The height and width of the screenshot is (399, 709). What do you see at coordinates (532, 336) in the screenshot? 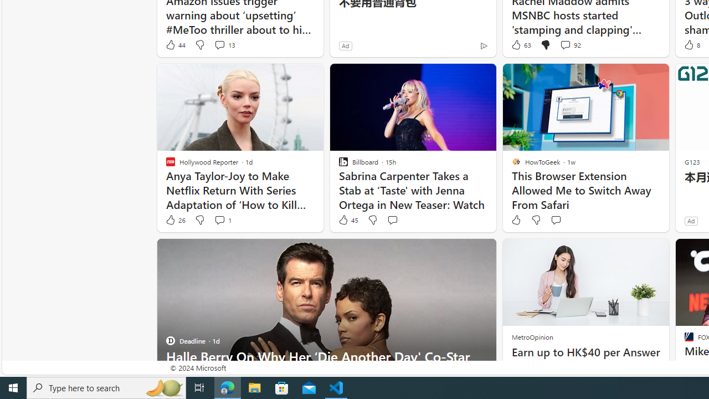
I see `'MetroOpinion'` at bounding box center [532, 336].